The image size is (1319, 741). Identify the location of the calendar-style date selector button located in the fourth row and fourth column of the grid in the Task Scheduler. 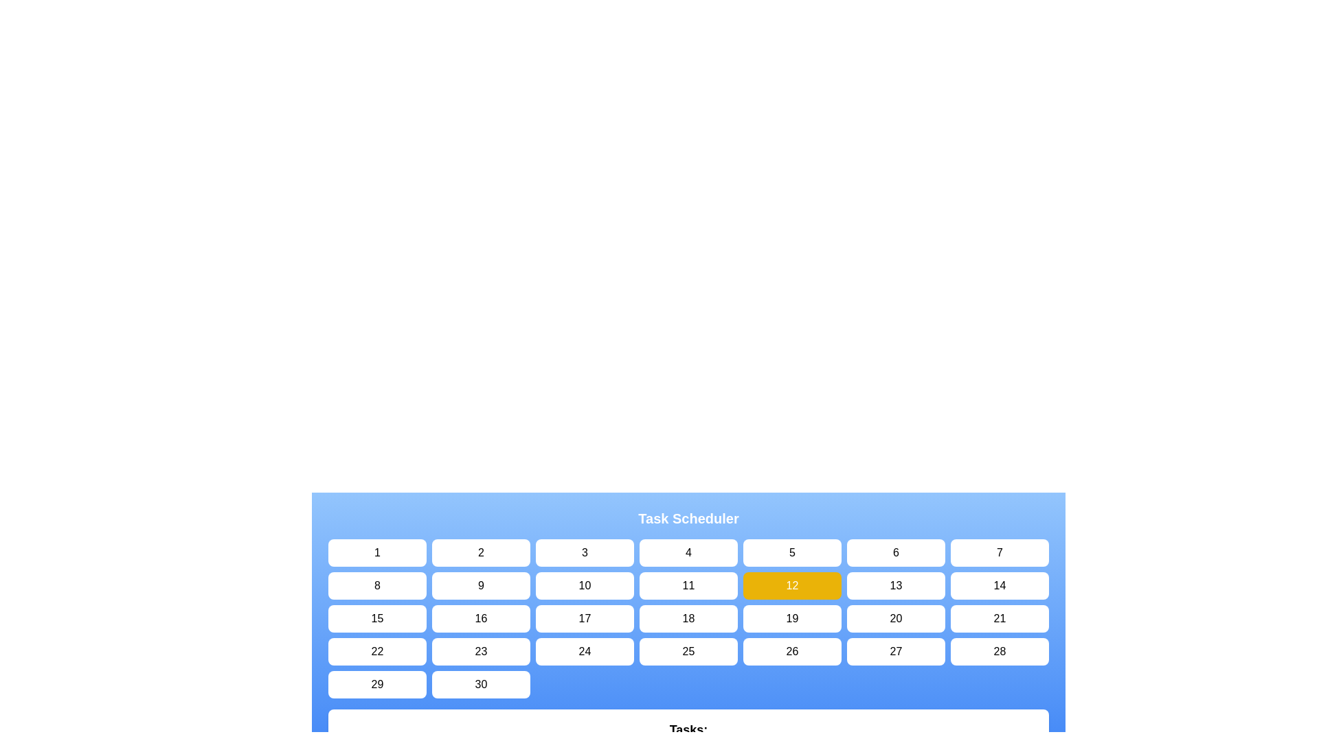
(585, 650).